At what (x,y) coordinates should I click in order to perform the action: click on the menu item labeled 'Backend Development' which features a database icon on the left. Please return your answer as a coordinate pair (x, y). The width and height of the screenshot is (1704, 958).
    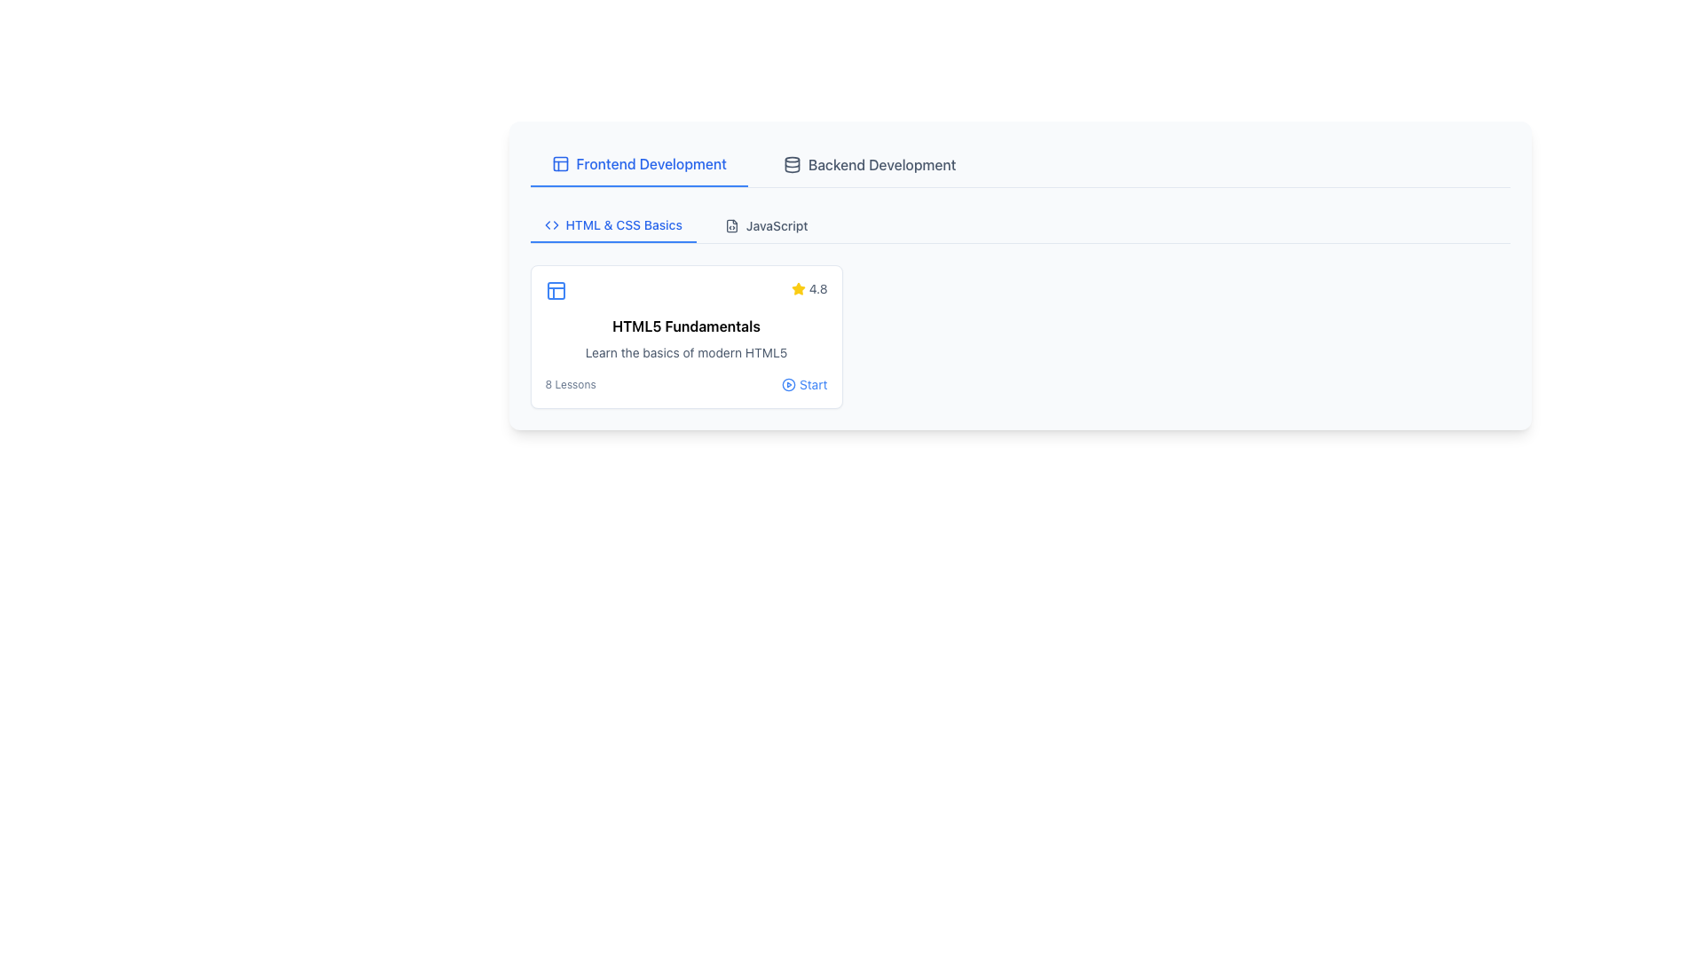
    Looking at the image, I should click on (870, 164).